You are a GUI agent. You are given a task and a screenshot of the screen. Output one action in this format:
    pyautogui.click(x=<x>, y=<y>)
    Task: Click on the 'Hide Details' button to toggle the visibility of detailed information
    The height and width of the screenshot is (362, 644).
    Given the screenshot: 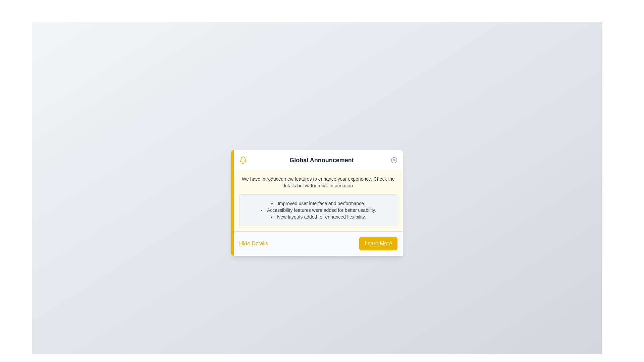 What is the action you would take?
    pyautogui.click(x=253, y=243)
    